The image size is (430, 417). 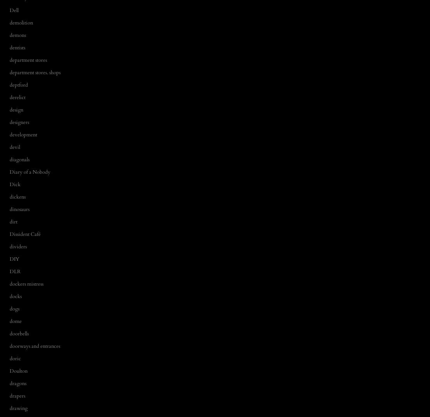 I want to click on 'development', so click(x=23, y=134).